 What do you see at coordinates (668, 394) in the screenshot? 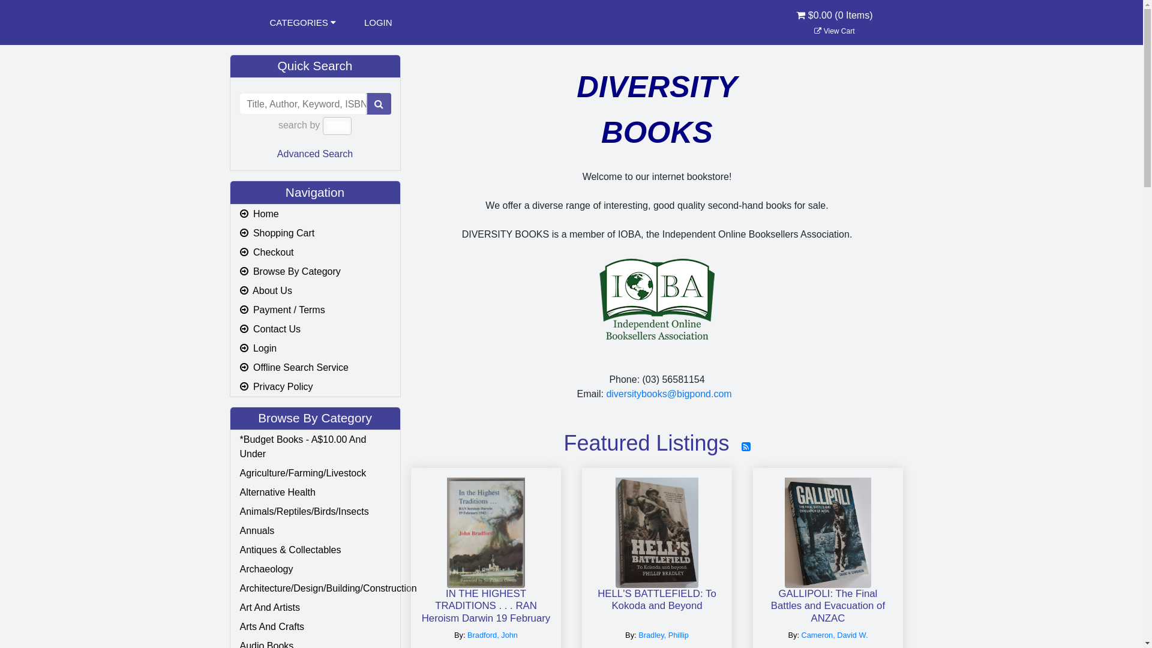
I see `'diversitybooks@bigpond.com'` at bounding box center [668, 394].